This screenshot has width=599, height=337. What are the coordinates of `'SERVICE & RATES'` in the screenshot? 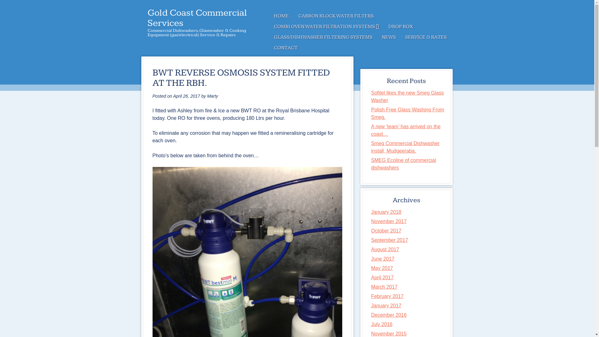 It's located at (426, 37).